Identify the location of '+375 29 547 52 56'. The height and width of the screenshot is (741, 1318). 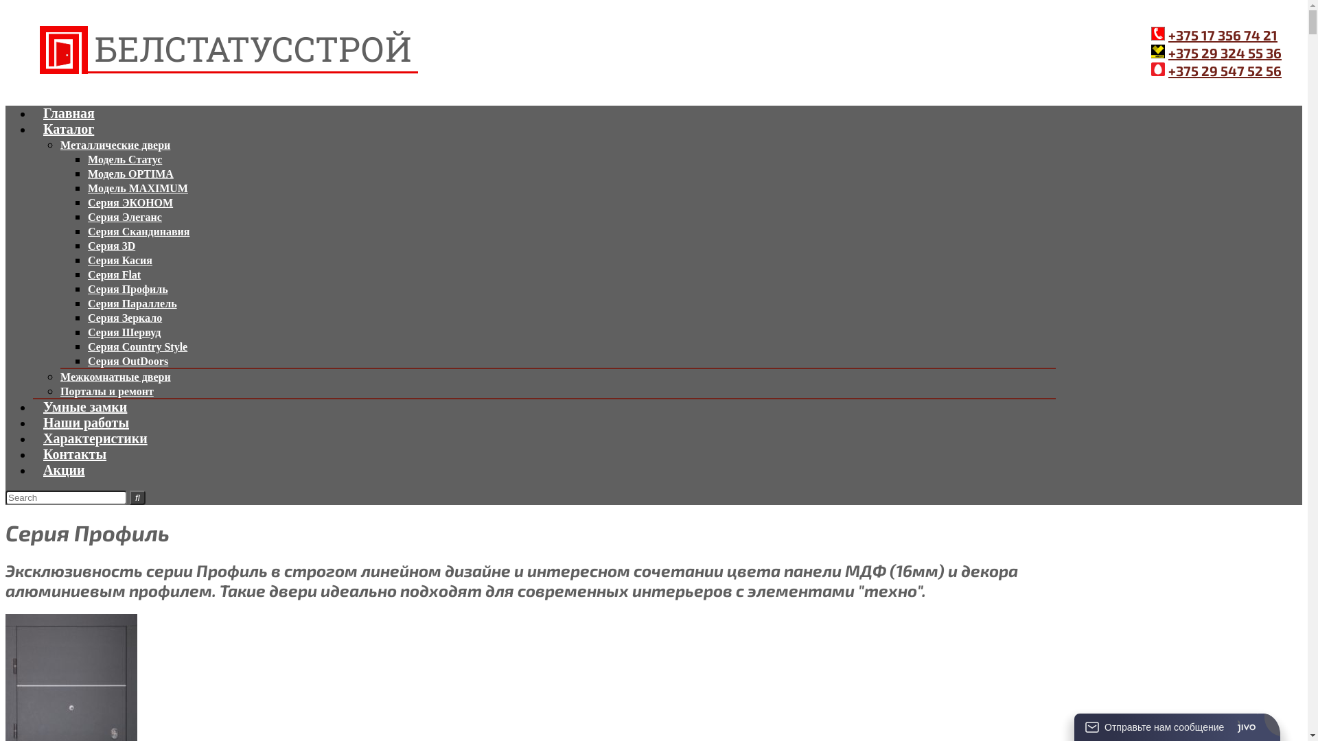
(1225, 71).